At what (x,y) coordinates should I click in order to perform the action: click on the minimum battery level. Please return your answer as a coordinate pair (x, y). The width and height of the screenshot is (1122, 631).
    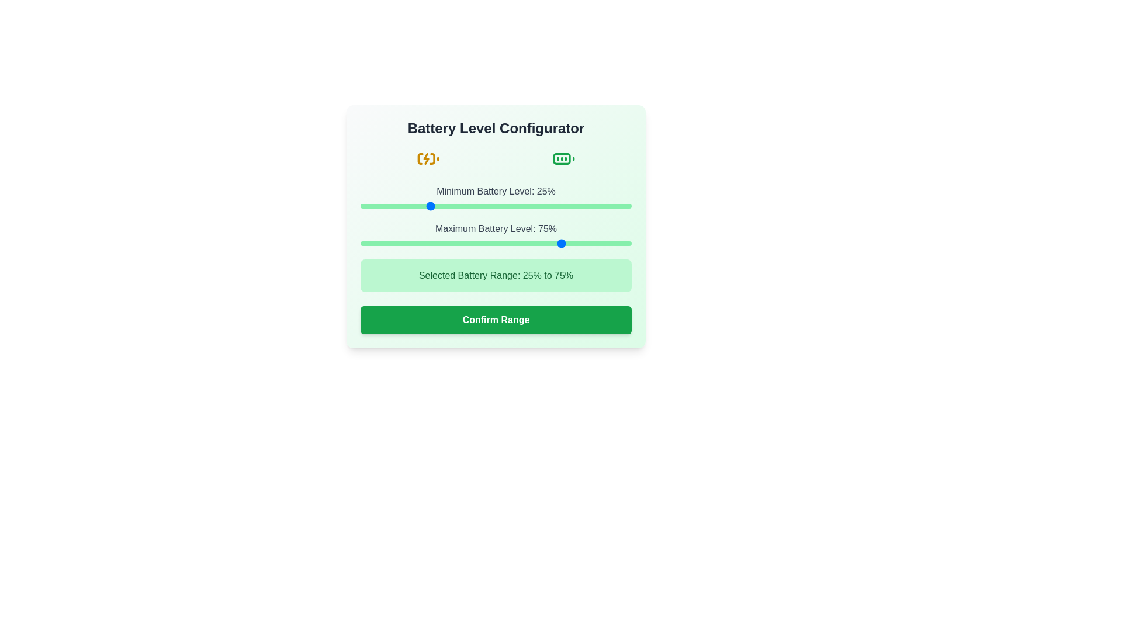
    Looking at the image, I should click on (422, 206).